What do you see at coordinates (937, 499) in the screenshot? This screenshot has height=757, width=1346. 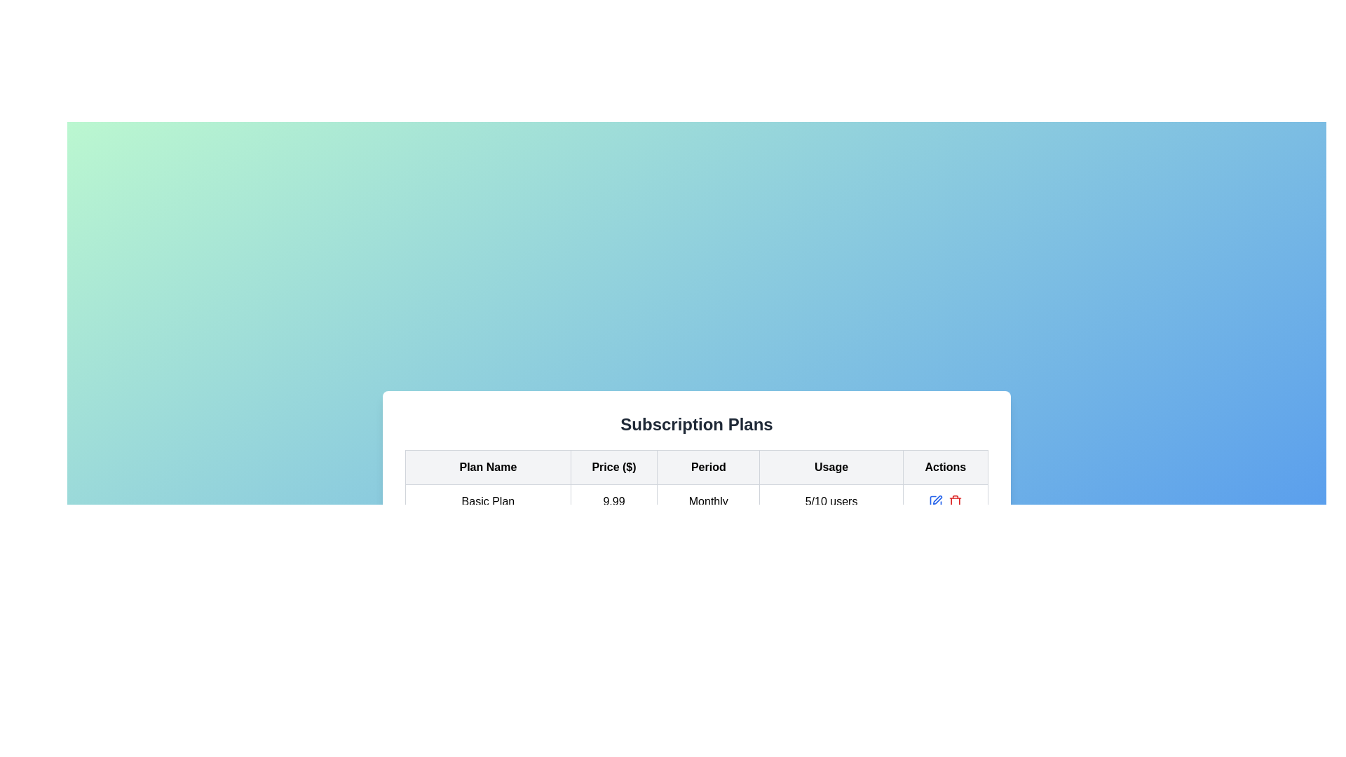 I see `the small icon with a pen overlaying a square in the 'Actions' column of the subscription table` at bounding box center [937, 499].